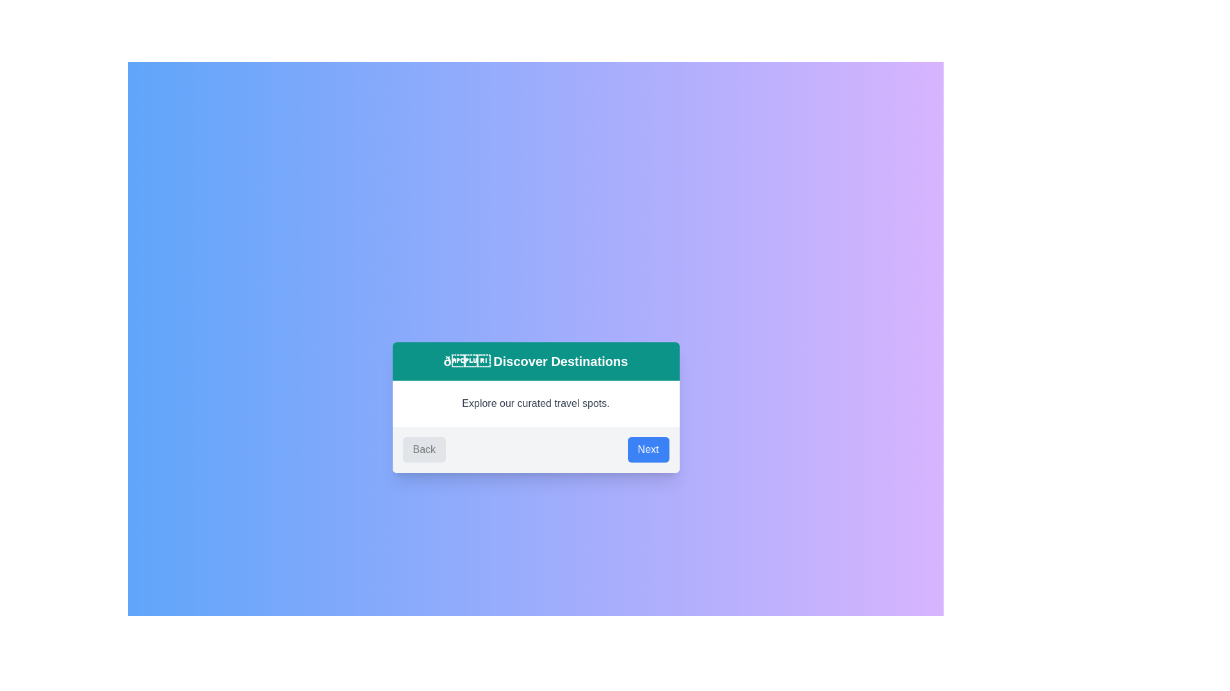  Describe the element at coordinates (536, 404) in the screenshot. I see `the text element displaying 'Explore our curated travel spots.' which is centrally aligned, in medium-gray color, located within a card component below the title 'Discover Destinations'` at that location.